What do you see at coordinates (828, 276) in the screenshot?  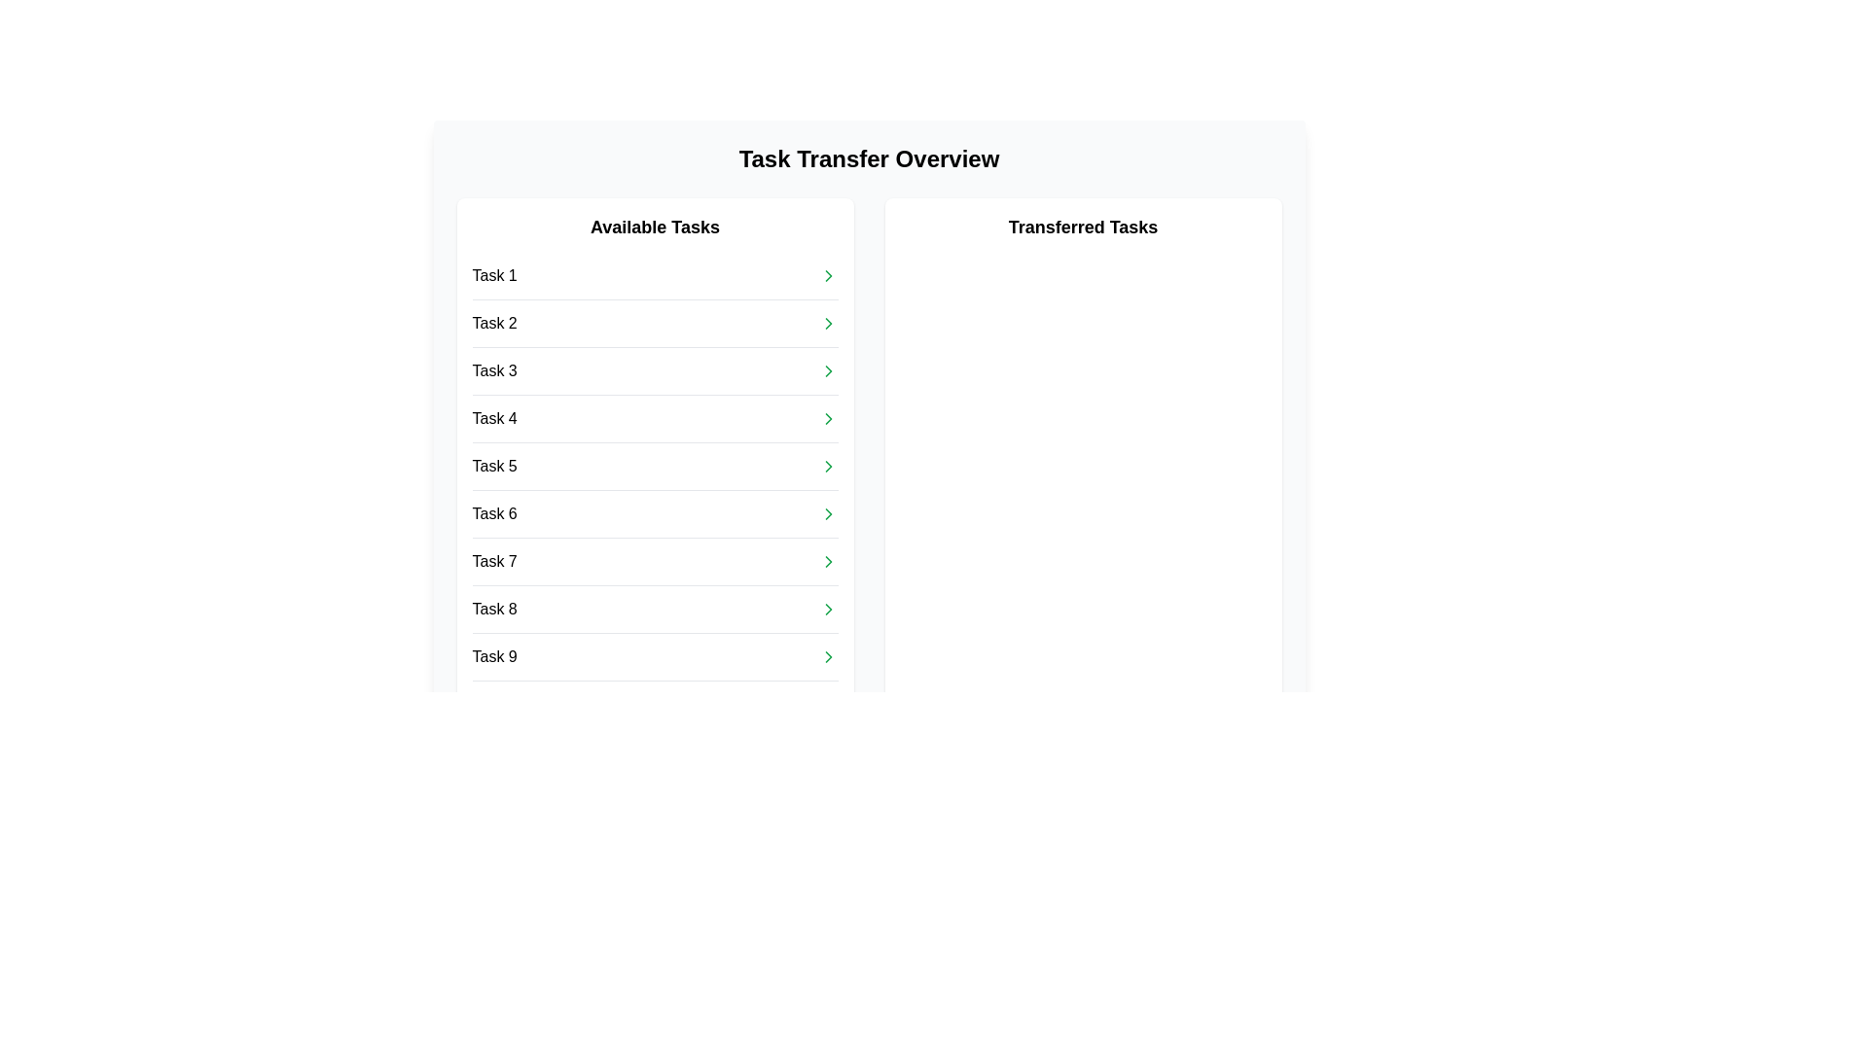 I see `the arrow icon button located on the far right side of the 'Task 1' row in the 'Available Tasks' list` at bounding box center [828, 276].